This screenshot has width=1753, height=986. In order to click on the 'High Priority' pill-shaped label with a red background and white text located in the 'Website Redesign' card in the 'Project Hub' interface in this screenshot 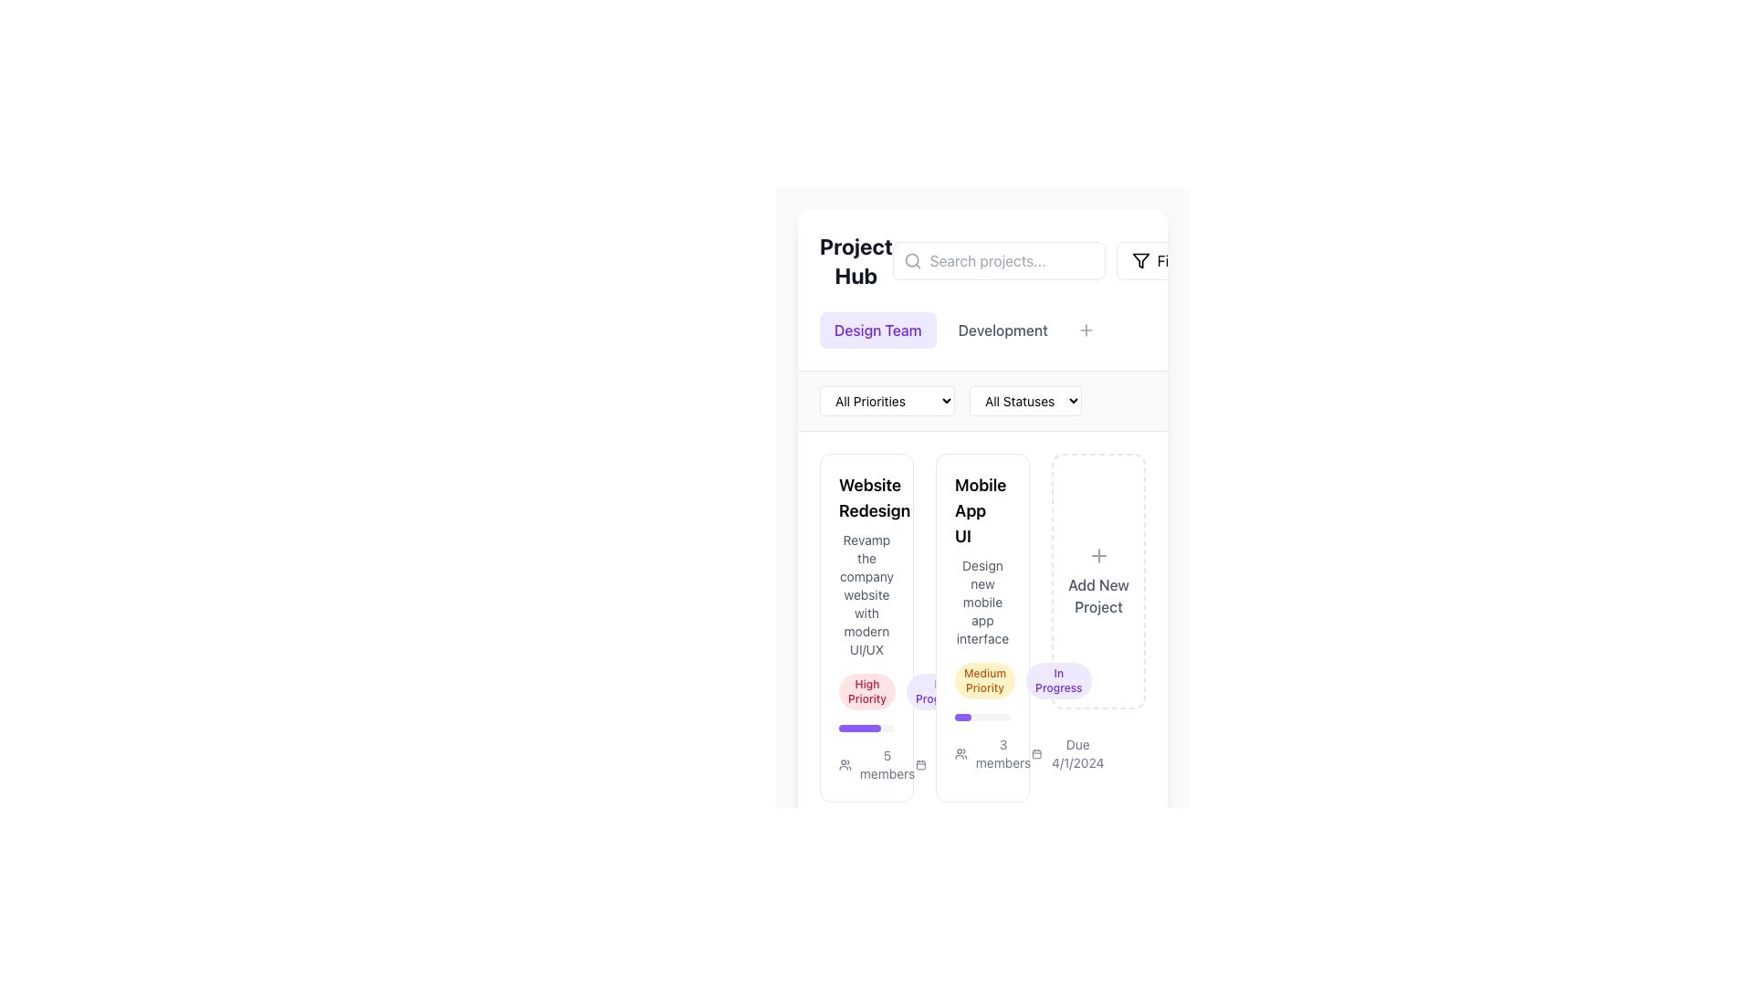, I will do `click(866, 692)`.